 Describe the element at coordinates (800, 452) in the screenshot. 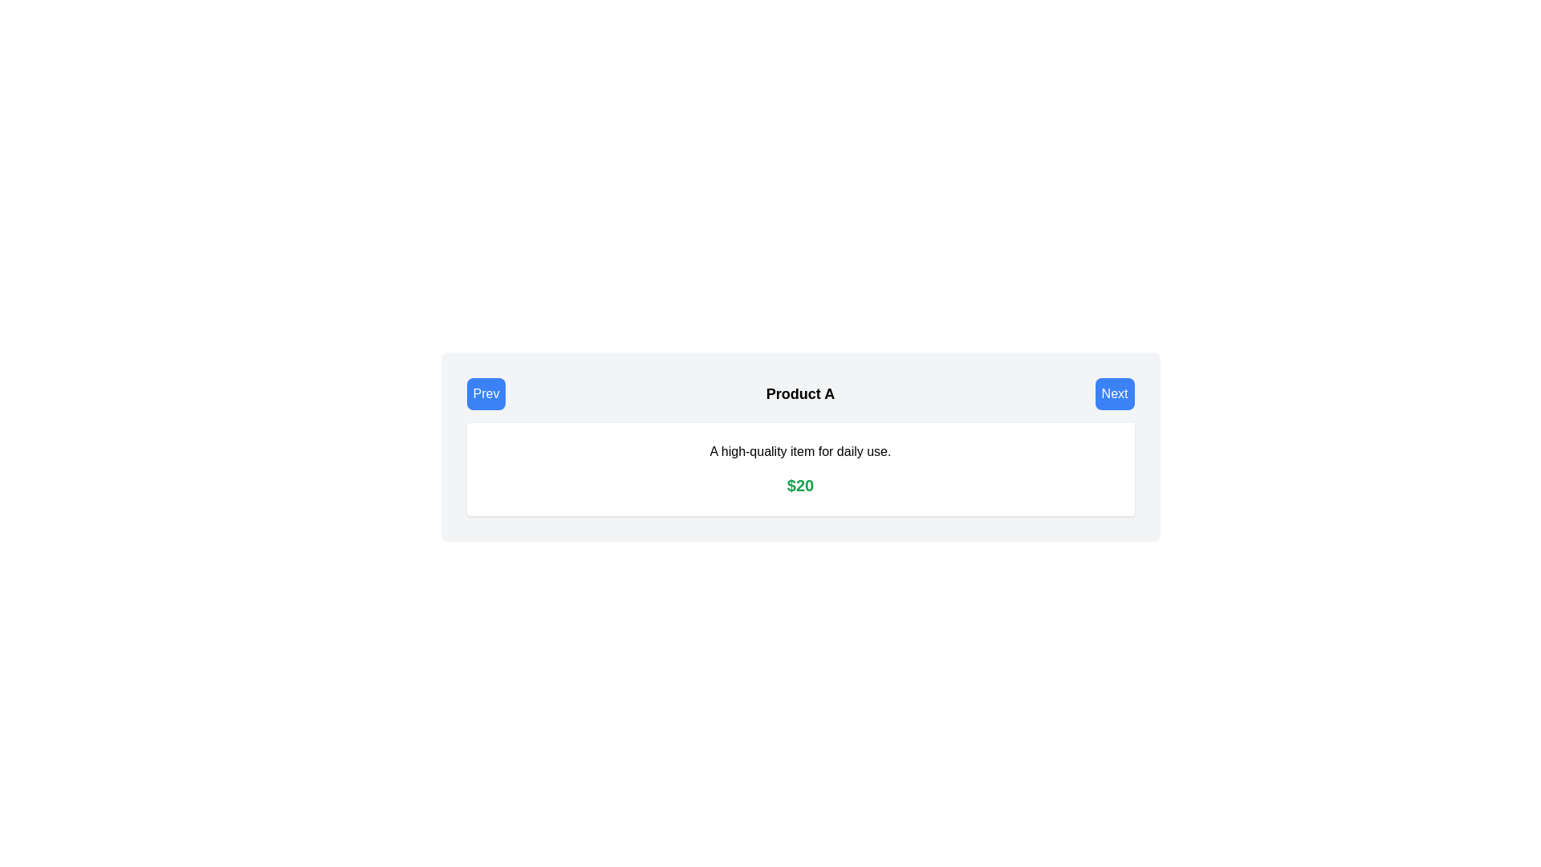

I see `the text label that provides key information about the product's quality, positioned above the pricing element '$20' and below the title 'Product A'` at that location.